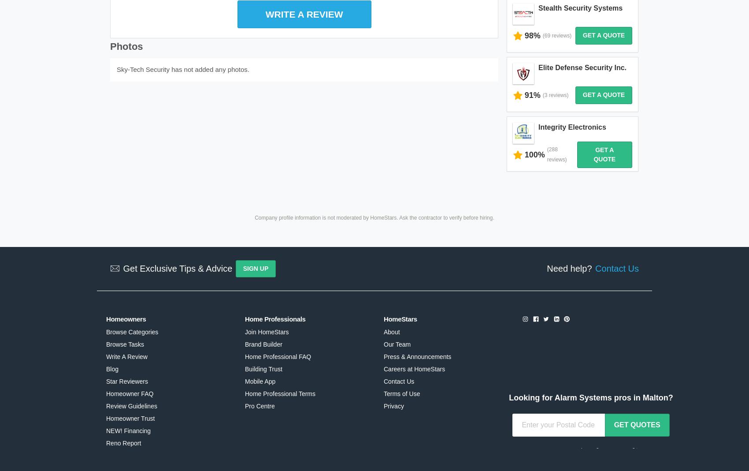 Image resolution: width=749 pixels, height=471 pixels. I want to click on 'Elite Defense Security Inc.', so click(537, 30).